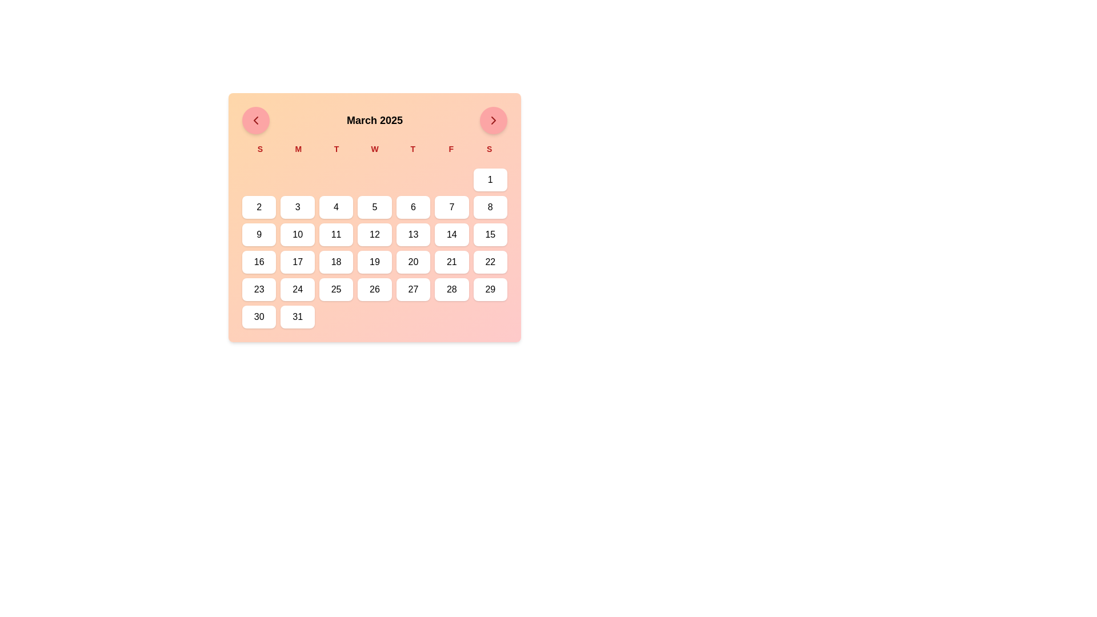  Describe the element at coordinates (258, 289) in the screenshot. I see `the button displaying the number '23'` at that location.